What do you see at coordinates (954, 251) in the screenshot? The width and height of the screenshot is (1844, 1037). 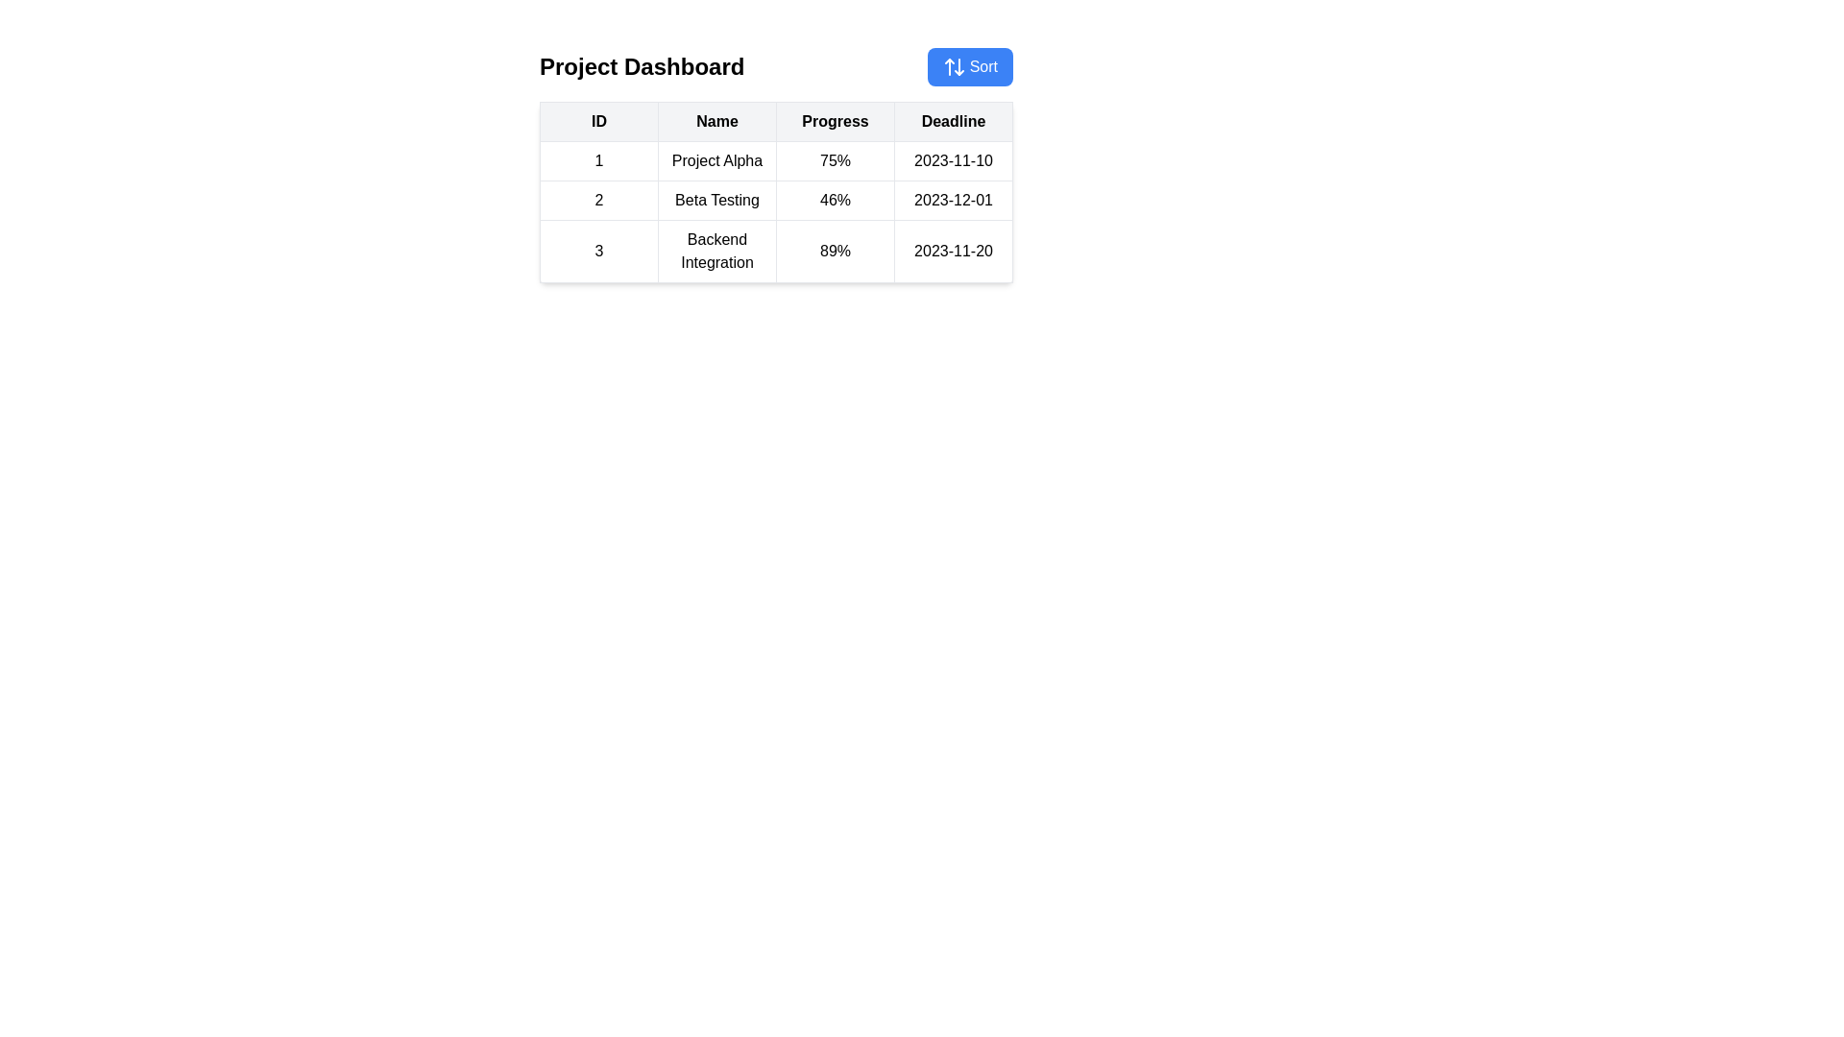 I see `the text display showing '2023-11-20' in the last column of the third row of the table, which represents the 'Deadline' field for the project with ID 3 labeled 'Backend Integration.'` at bounding box center [954, 251].